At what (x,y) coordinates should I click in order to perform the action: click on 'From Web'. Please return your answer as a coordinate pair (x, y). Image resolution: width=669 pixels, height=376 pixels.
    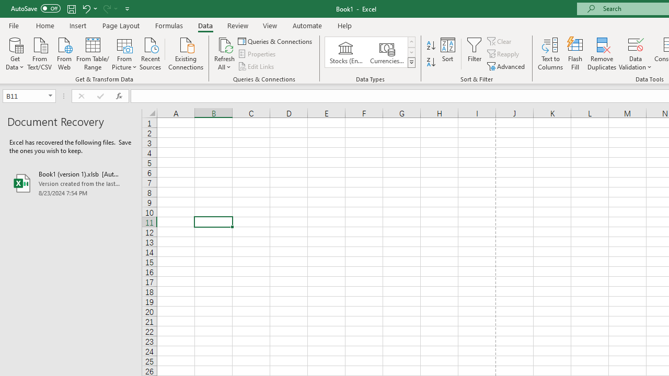
    Looking at the image, I should click on (63, 53).